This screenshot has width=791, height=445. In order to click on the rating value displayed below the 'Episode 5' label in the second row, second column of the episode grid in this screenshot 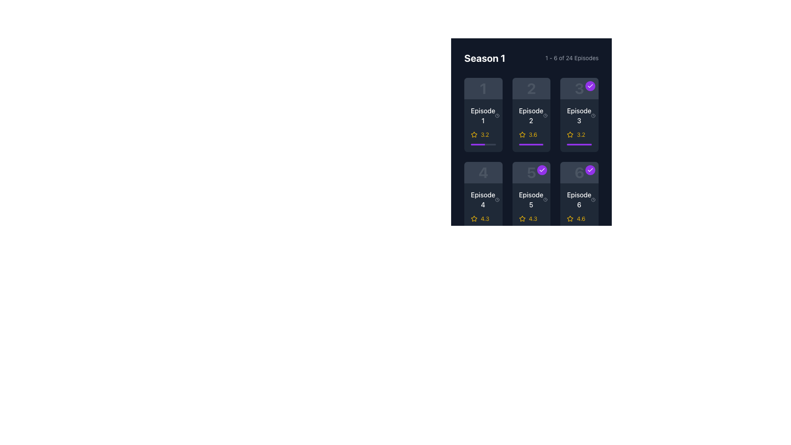, I will do `click(531, 218)`.